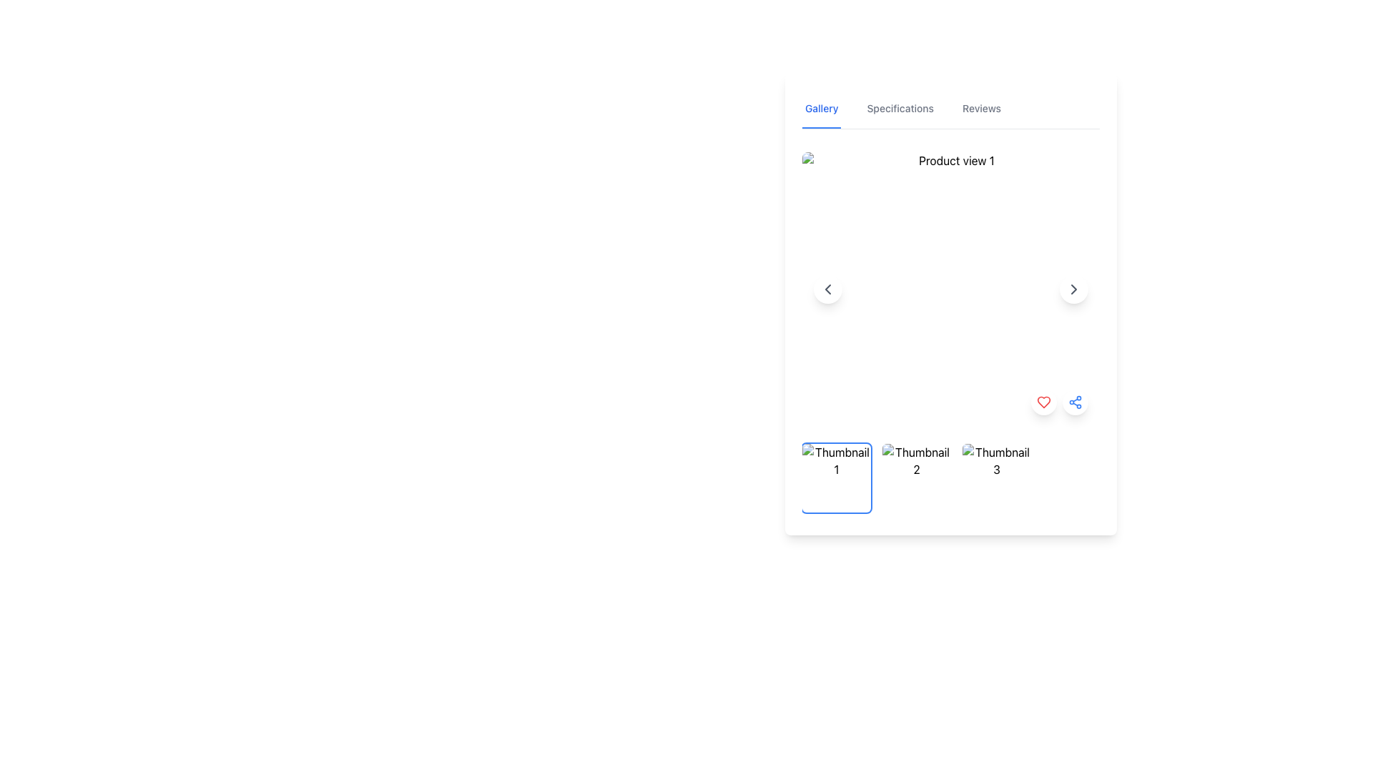  I want to click on the horizontal carousel with thumbnail items located at the bottom of the interface, so click(950, 477).